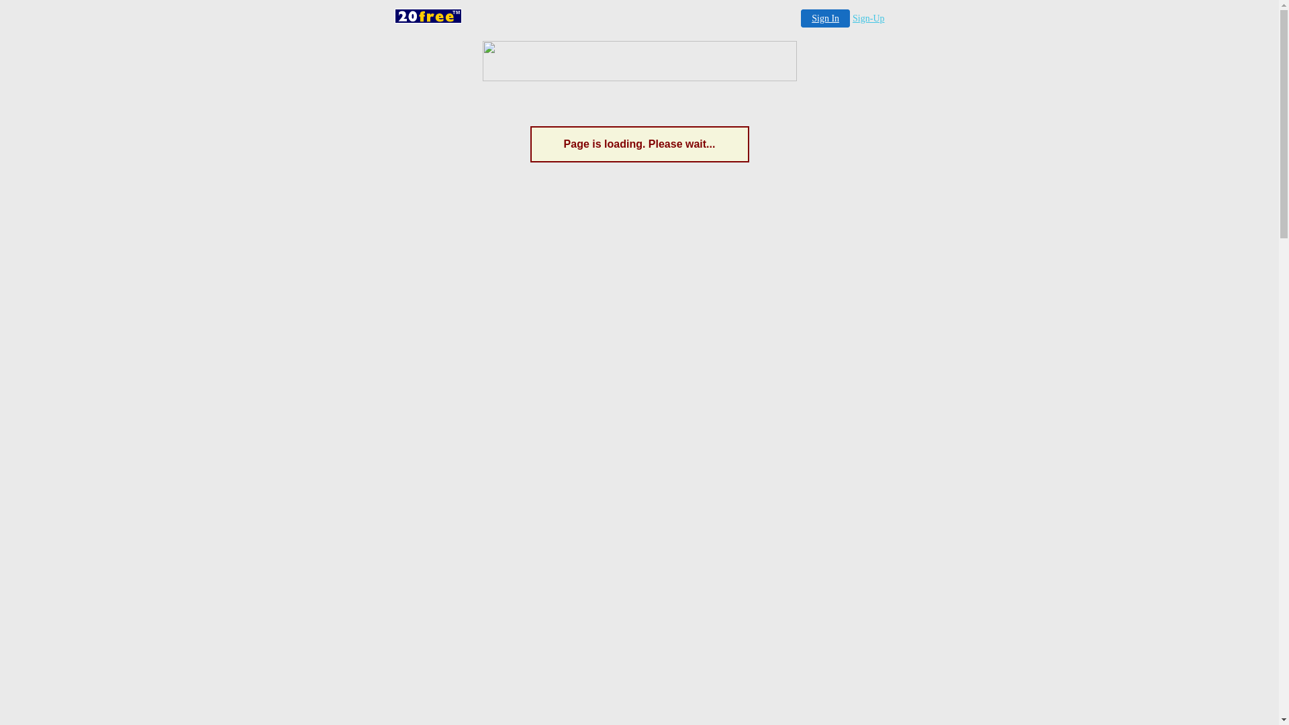  Describe the element at coordinates (868, 18) in the screenshot. I see `'Sign-Up'` at that location.